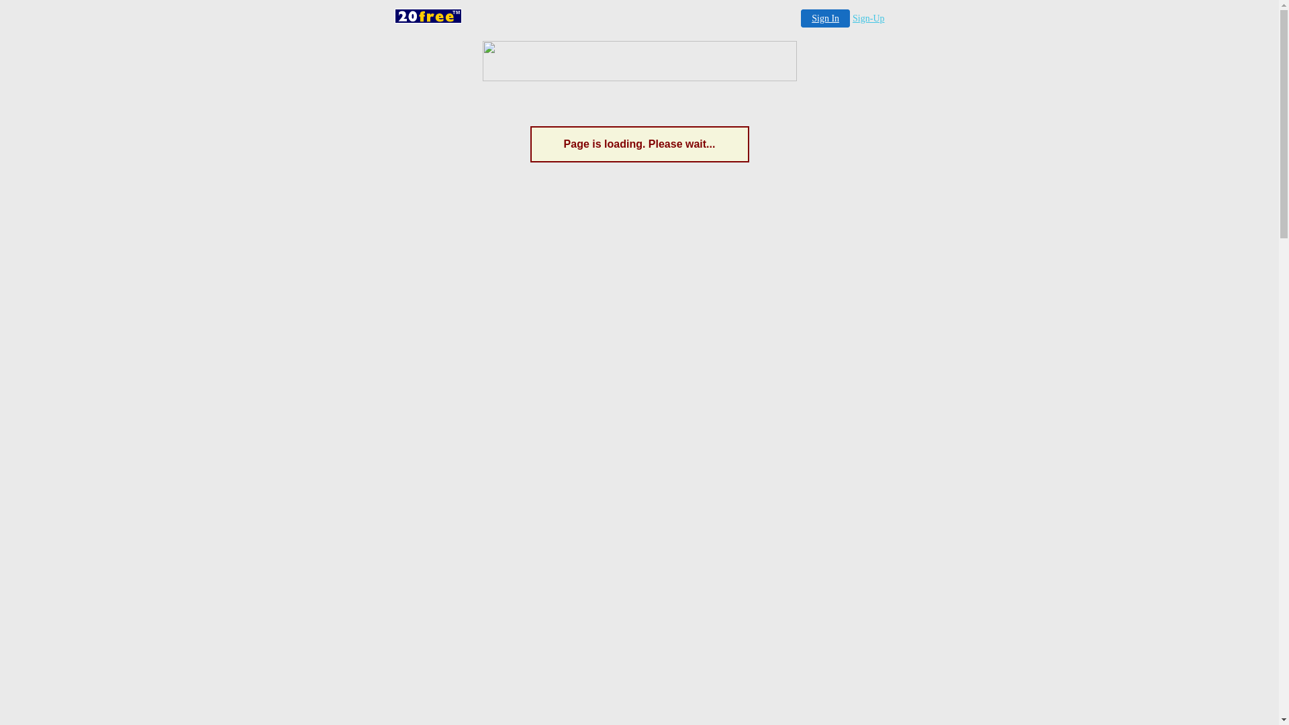  Describe the element at coordinates (868, 18) in the screenshot. I see `'Sign-Up'` at that location.